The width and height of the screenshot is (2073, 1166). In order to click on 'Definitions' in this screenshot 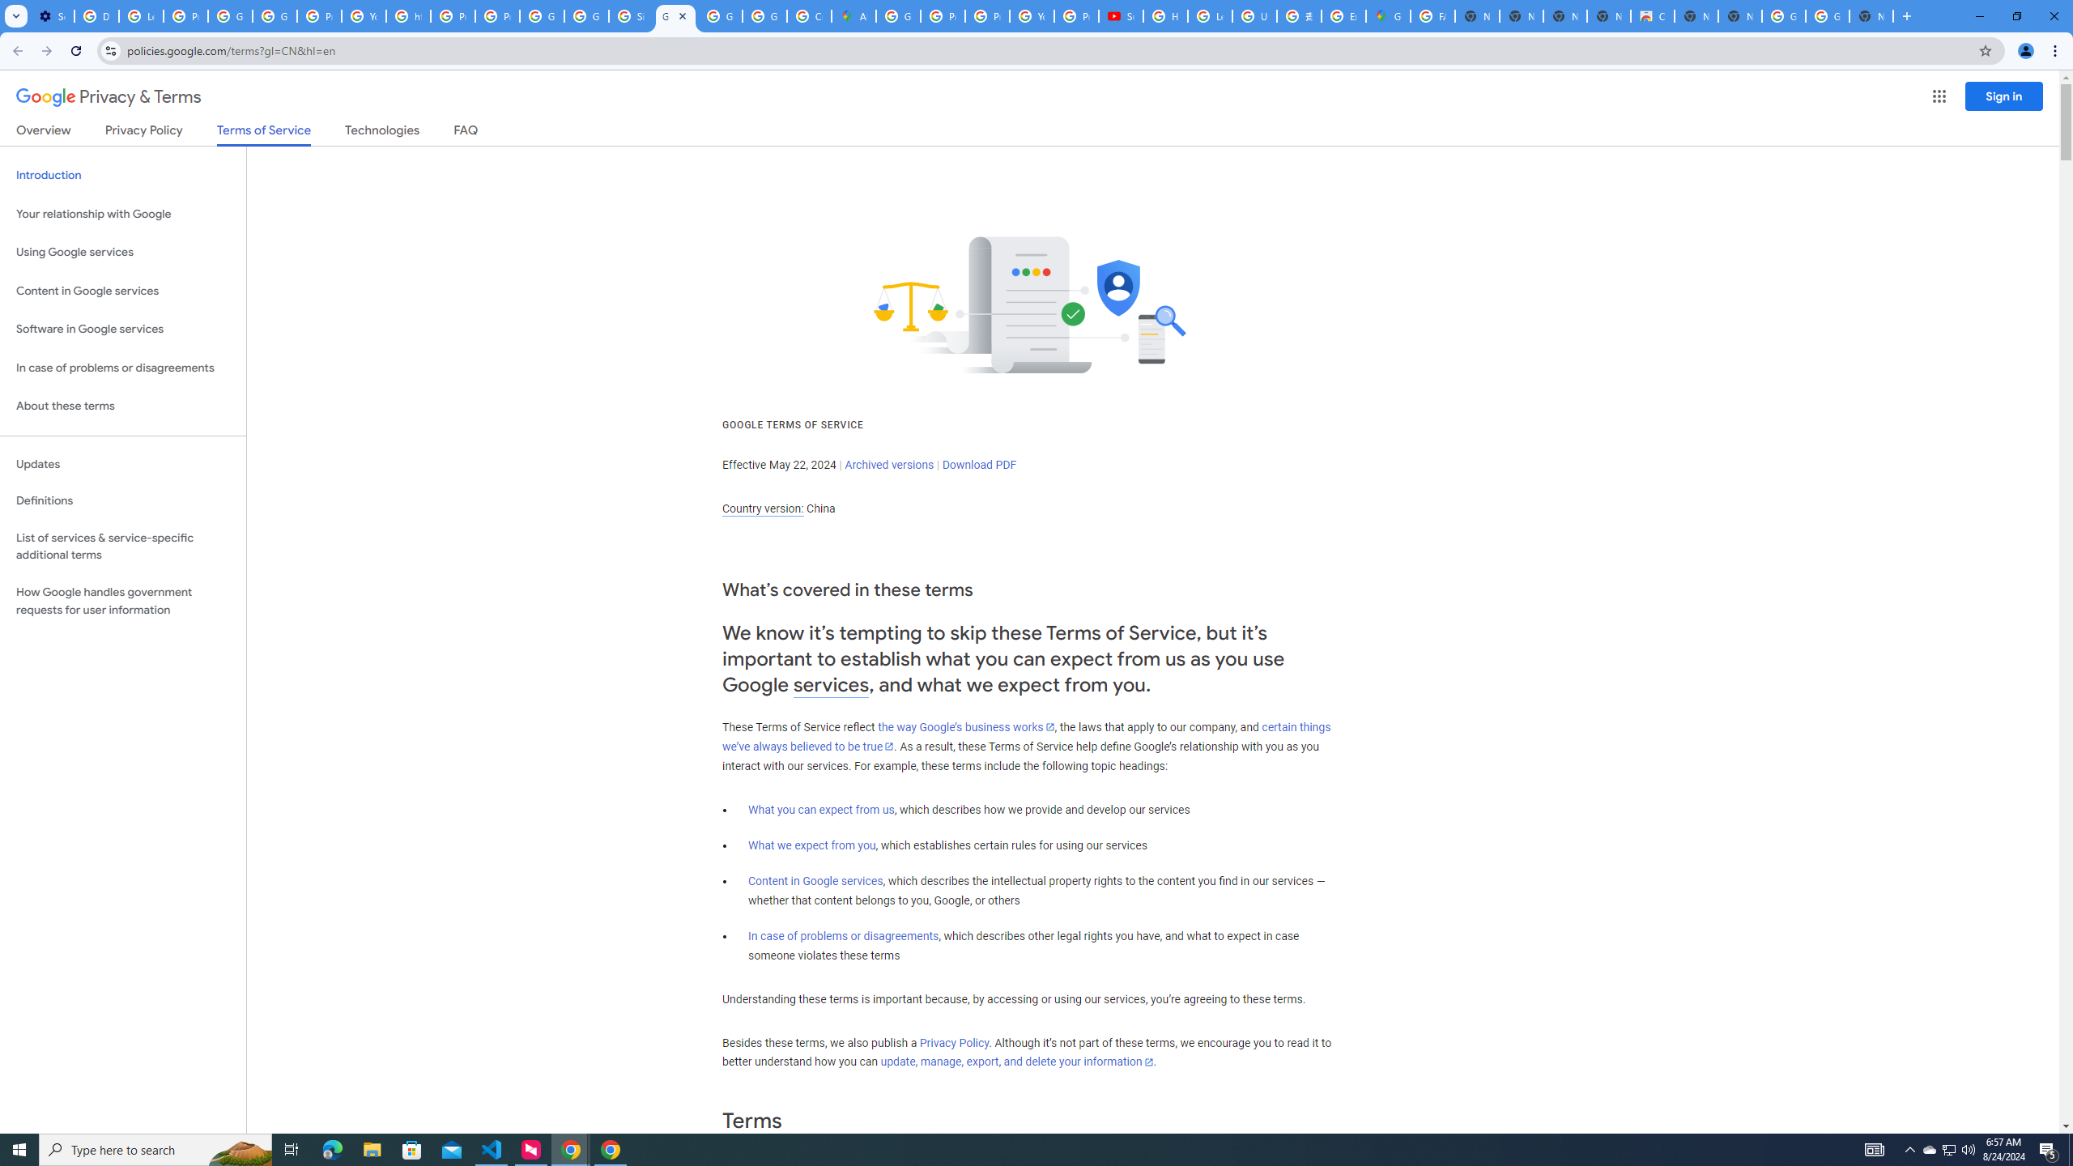, I will do `click(122, 500)`.